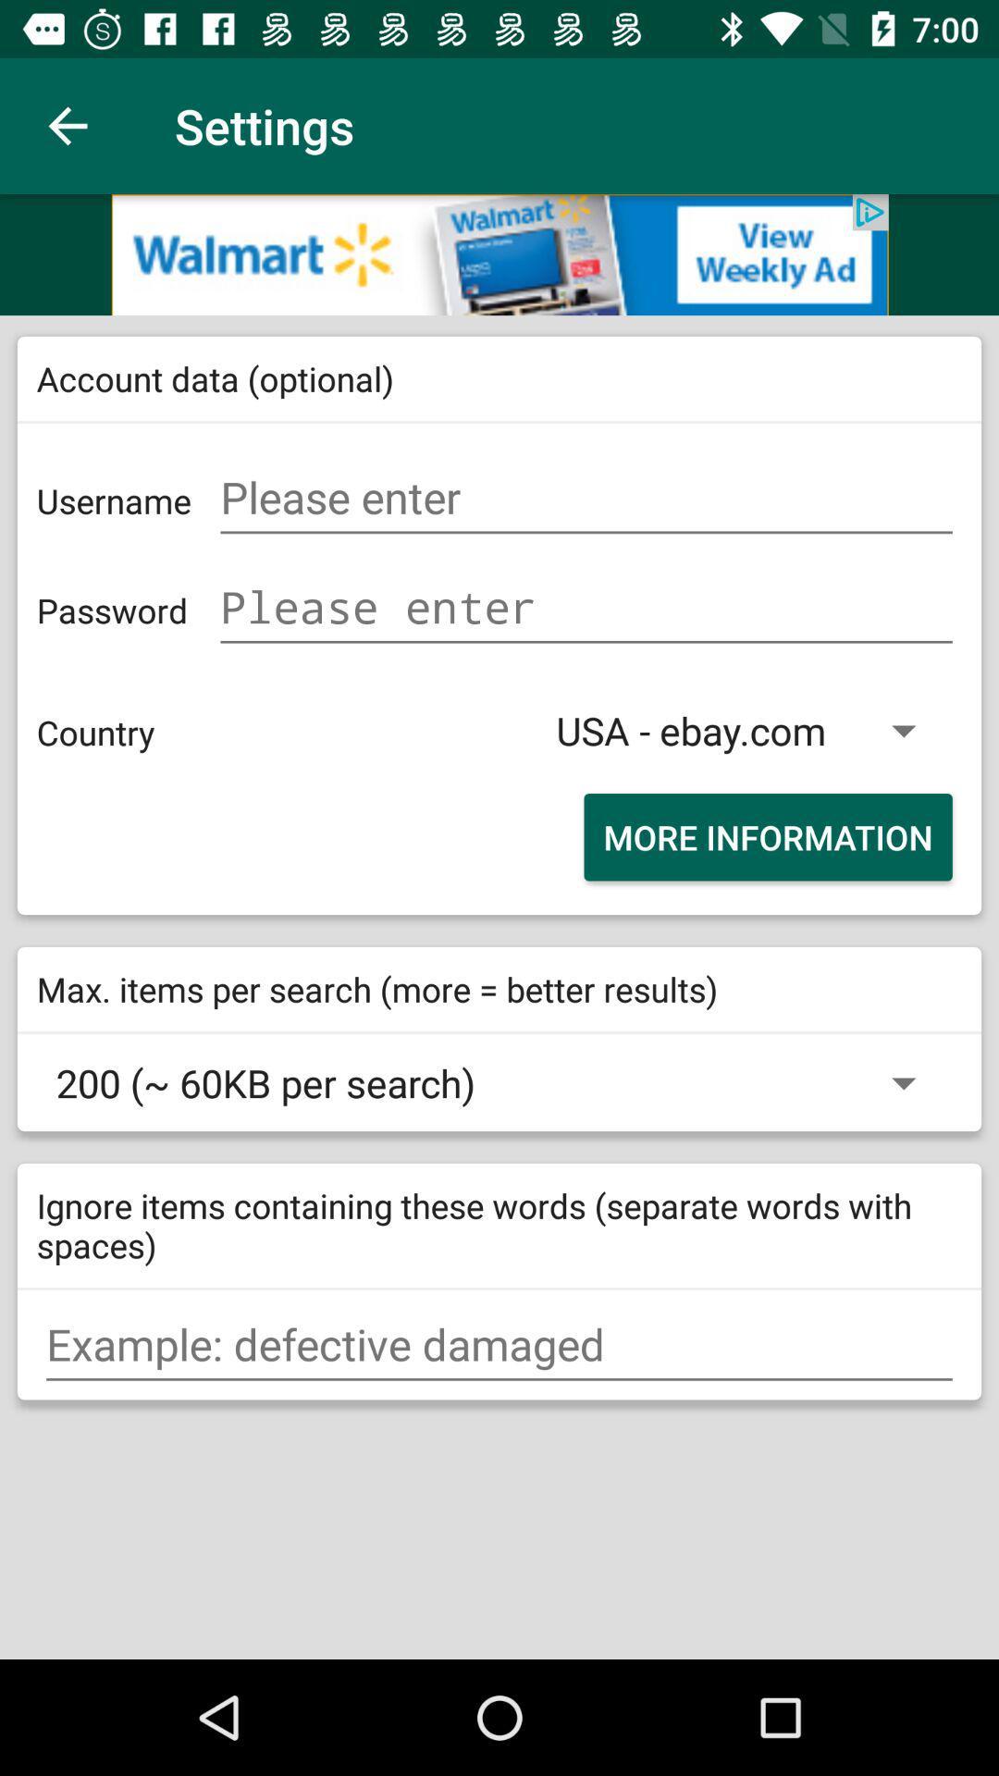 This screenshot has width=999, height=1776. Describe the element at coordinates (499, 253) in the screenshot. I see `advertisement option` at that location.